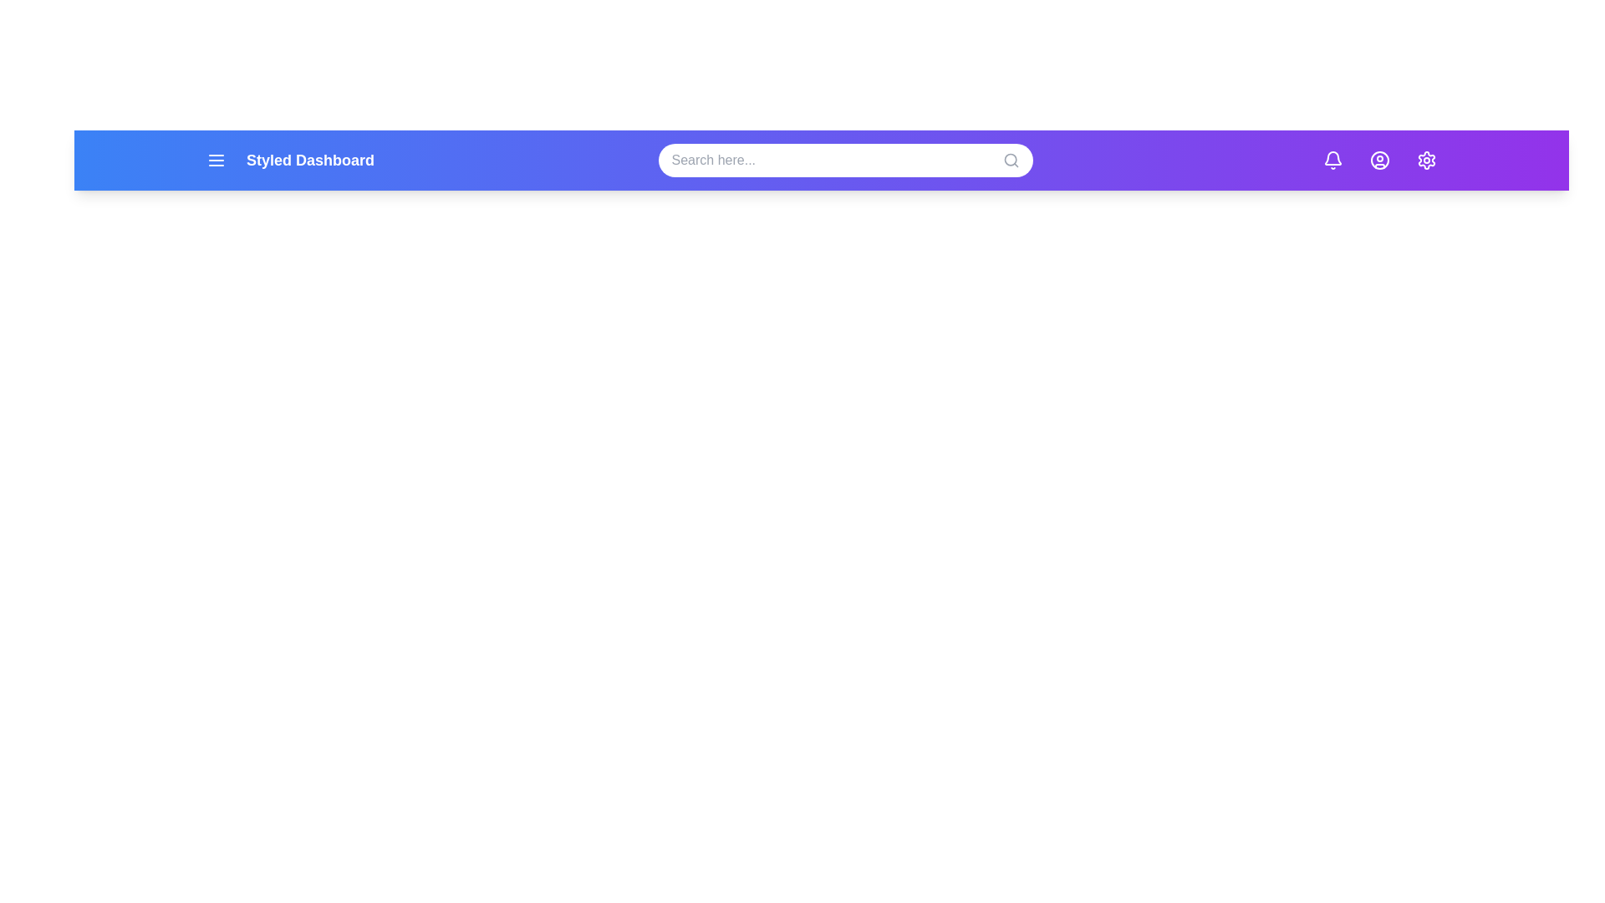 Image resolution: width=1605 pixels, height=903 pixels. Describe the element at coordinates (1380, 161) in the screenshot. I see `the user icon to access user settings or profile` at that location.